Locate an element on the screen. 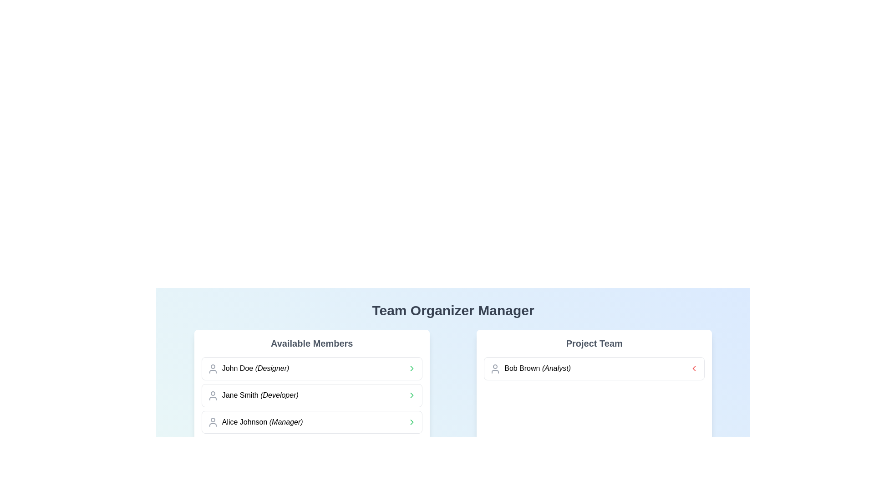 This screenshot has height=492, width=874. the 'Bob Brown' text element with the title 'Analyst' in the 'Project Team' section, which is the first entry in the list of team members is located at coordinates (530, 368).